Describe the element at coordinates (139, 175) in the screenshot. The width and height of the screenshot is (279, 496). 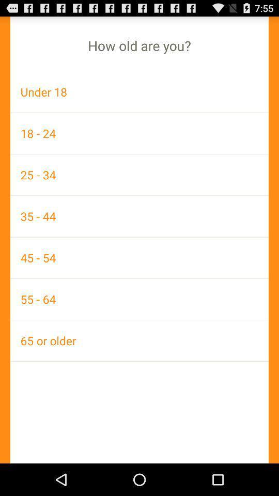
I see `icon above 35 - 44 icon` at that location.